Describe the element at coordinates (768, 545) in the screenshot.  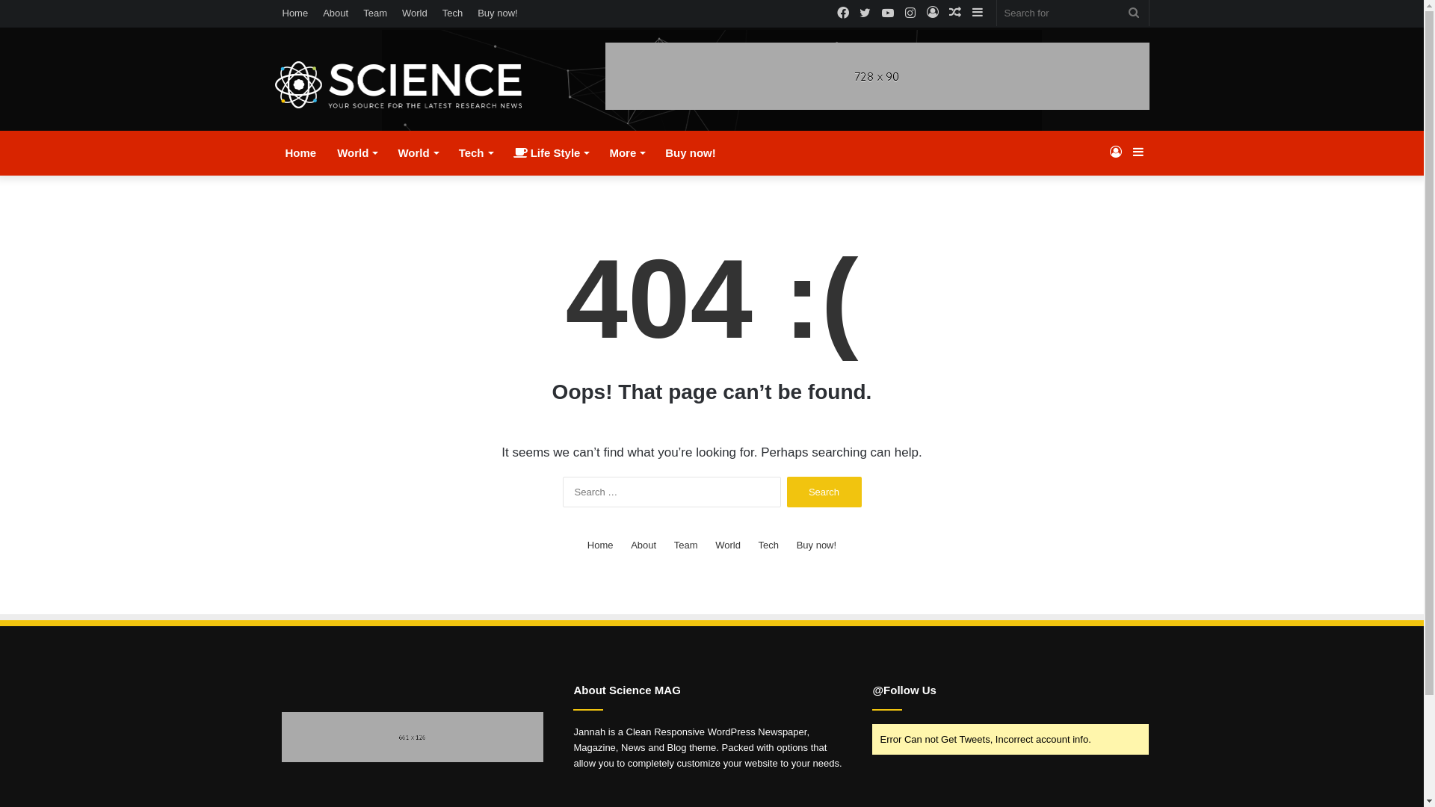
I see `'Tech'` at that location.